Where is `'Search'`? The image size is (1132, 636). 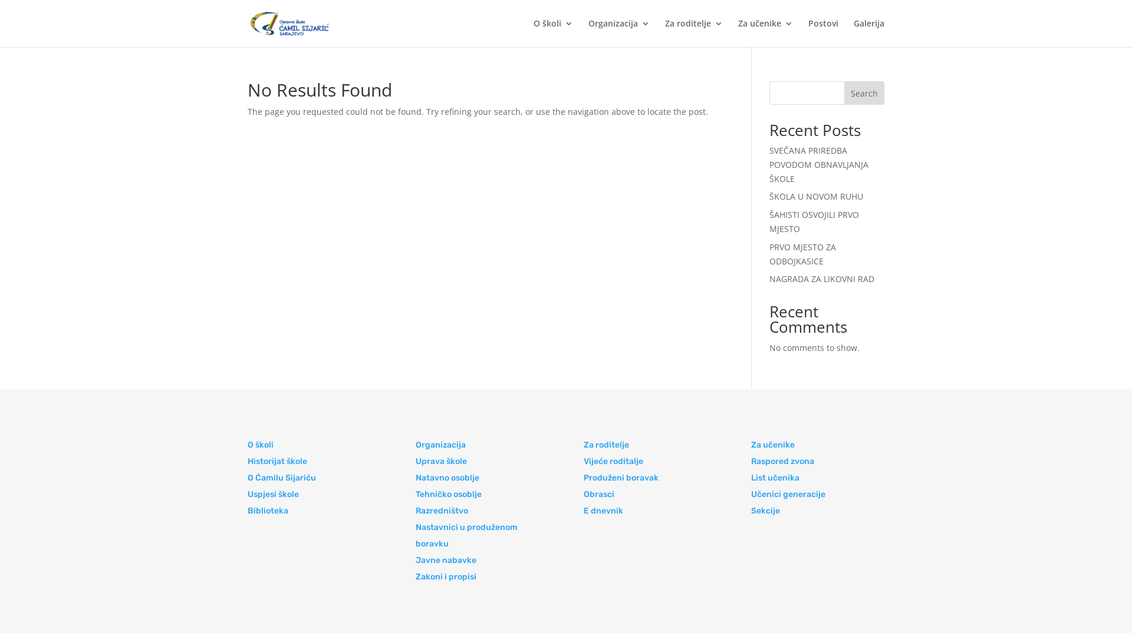 'Search' is located at coordinates (864, 92).